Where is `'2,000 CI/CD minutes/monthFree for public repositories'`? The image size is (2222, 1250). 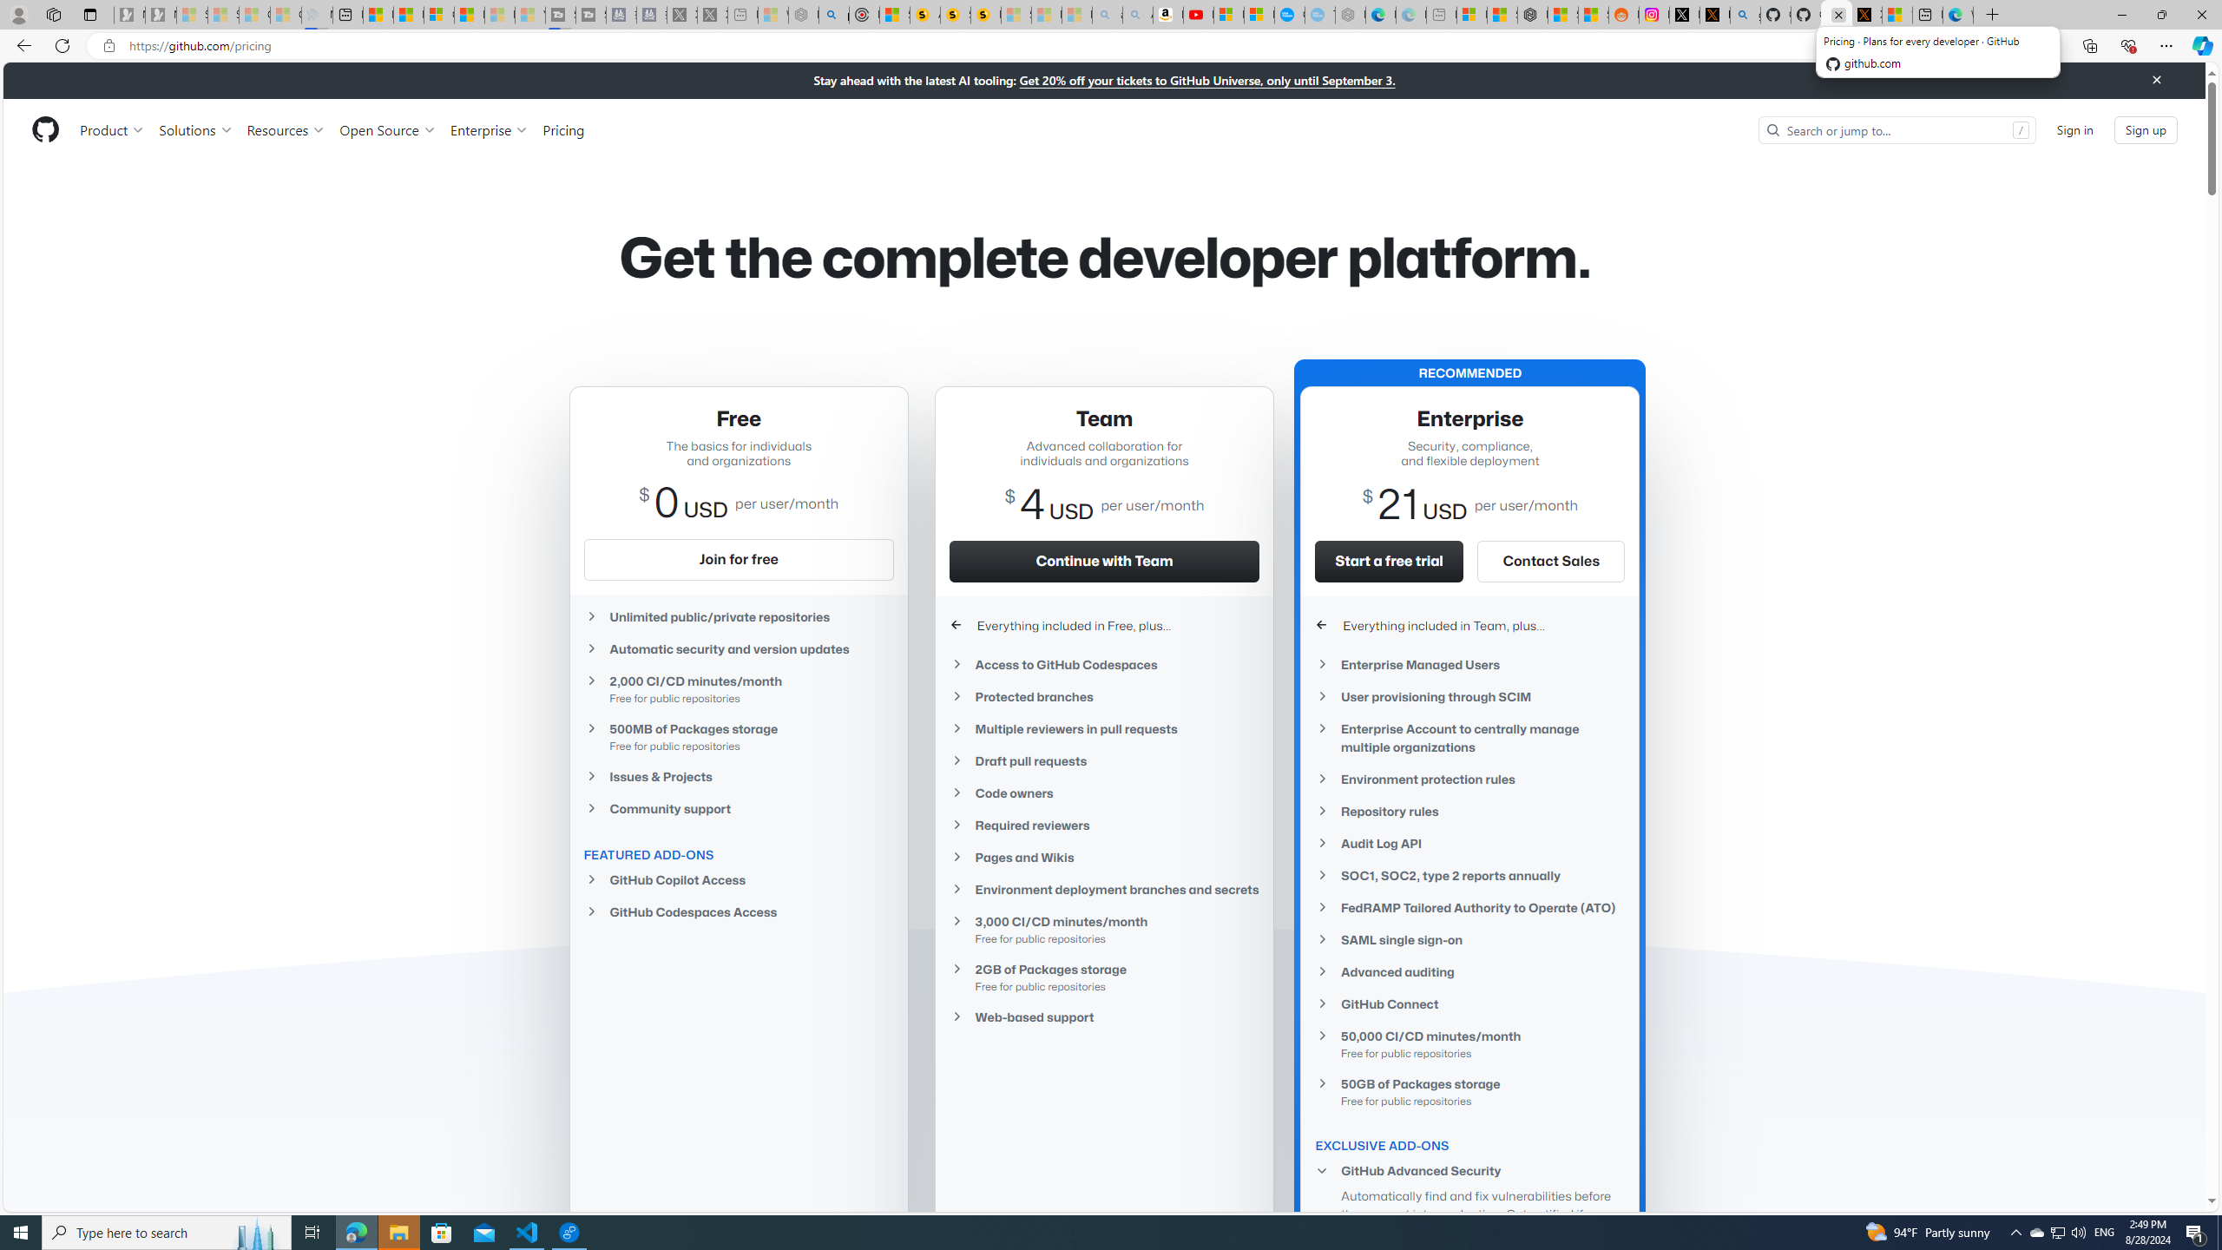
'2,000 CI/CD minutes/monthFree for public repositories' is located at coordinates (736, 687).